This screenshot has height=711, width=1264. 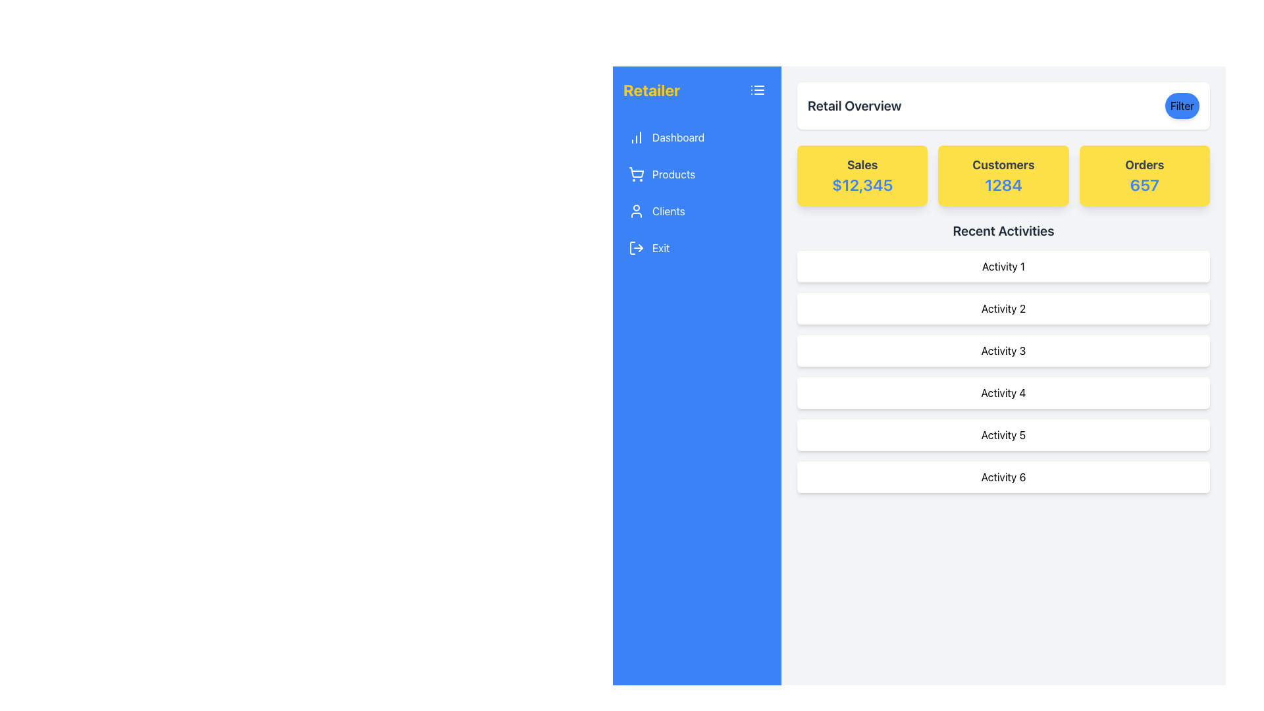 I want to click on the 'Orders' text label located in the yellow card at the top-right section of the interface, indicating the number of orders (657), so click(x=1144, y=164).